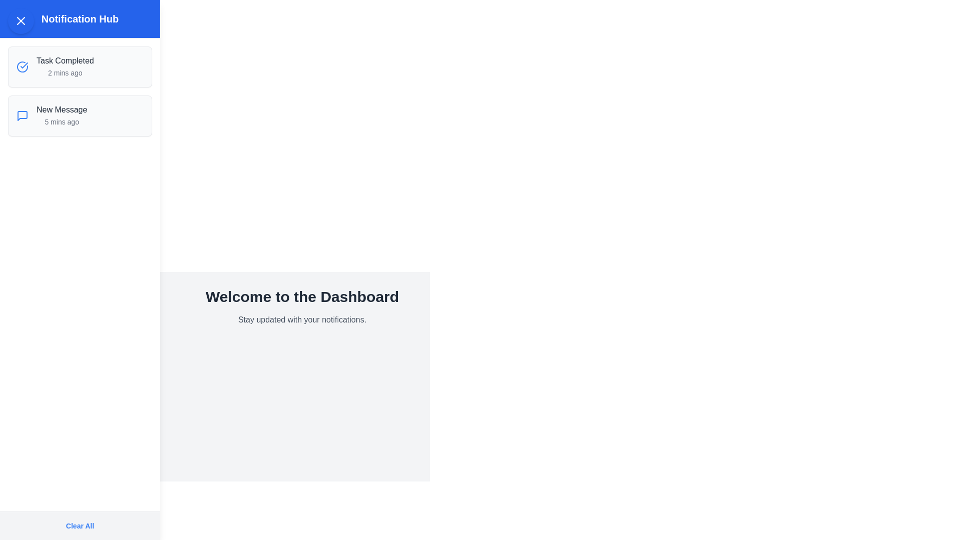 The height and width of the screenshot is (540, 961). What do you see at coordinates (61, 109) in the screenshot?
I see `text content of the title in the second notification item in the 'Notification Hub' panel, located below the 'Task Completed' notification` at bounding box center [61, 109].